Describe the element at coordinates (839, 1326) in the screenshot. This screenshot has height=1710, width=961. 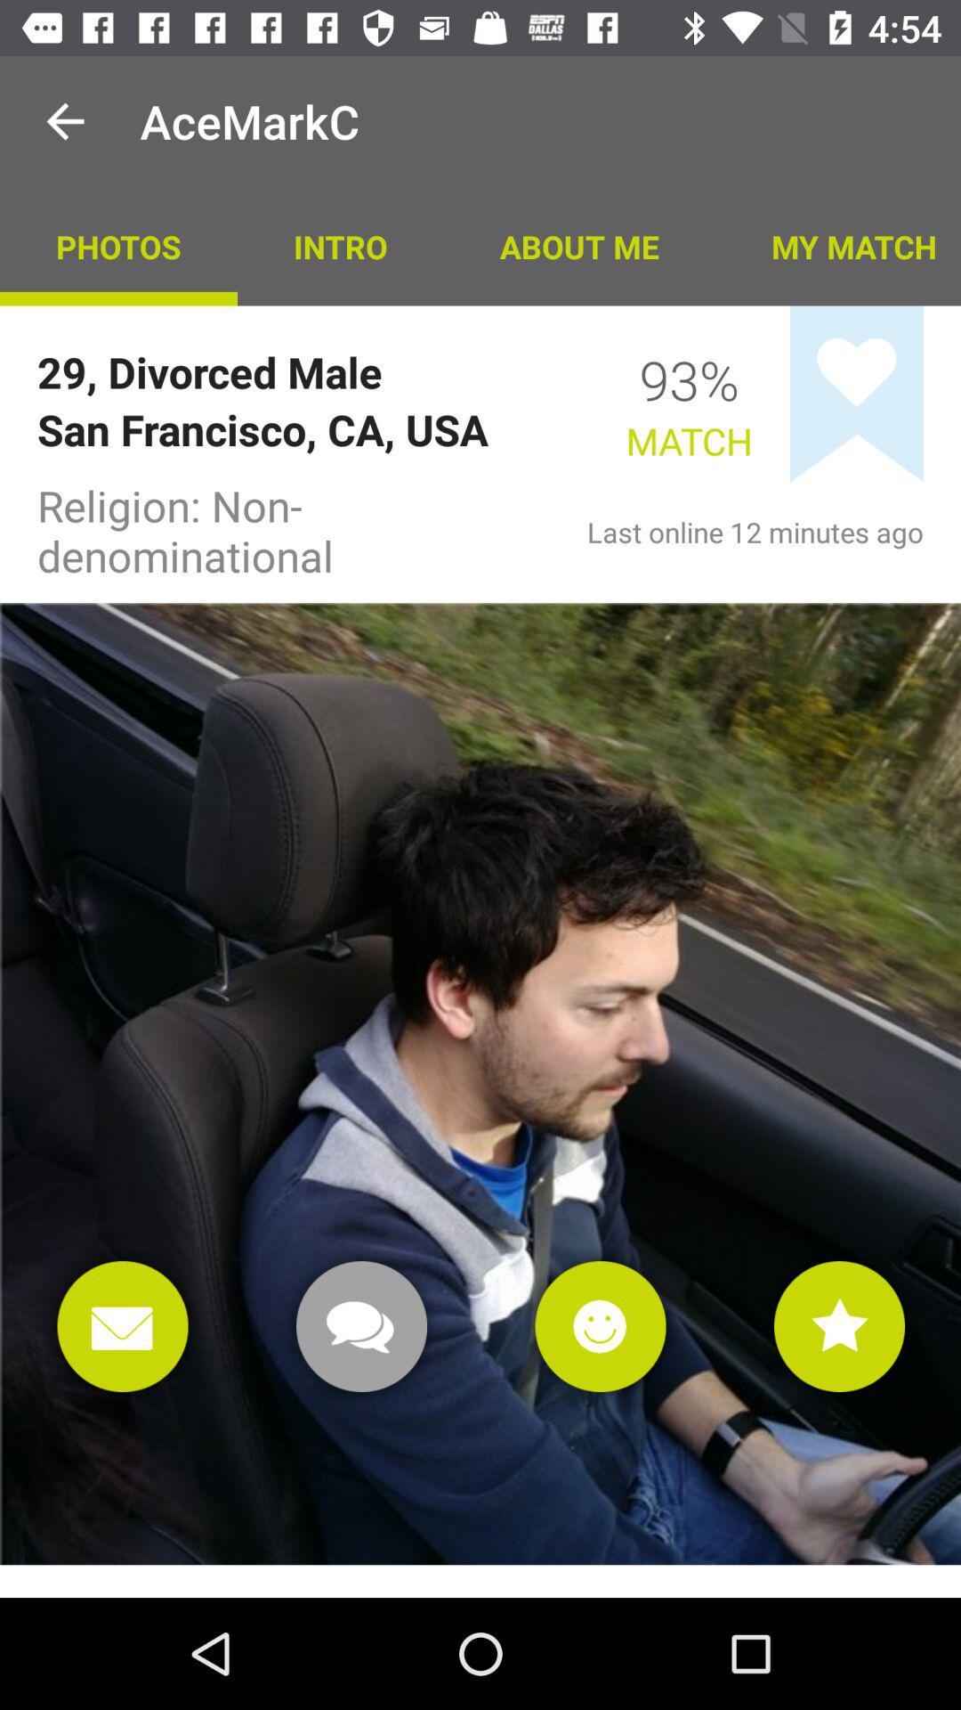
I see `the star icon` at that location.